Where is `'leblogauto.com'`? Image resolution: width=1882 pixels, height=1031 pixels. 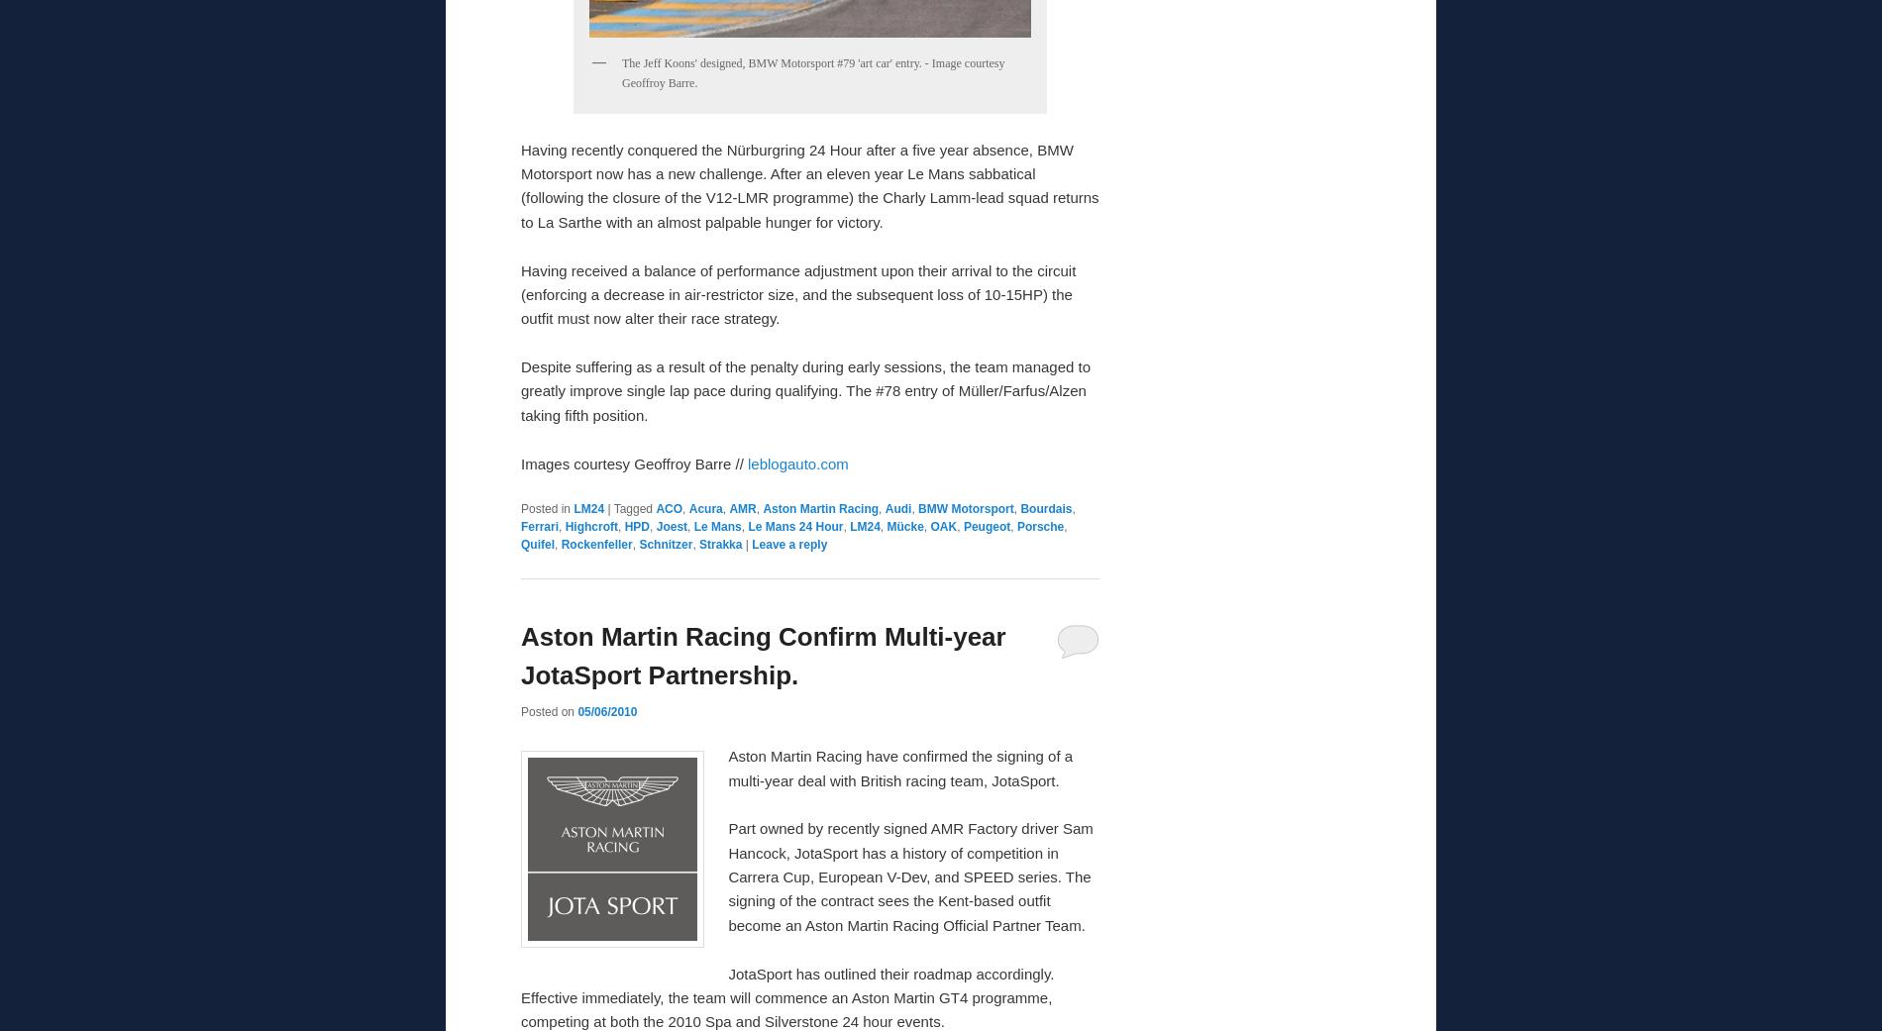 'leblogauto.com' is located at coordinates (796, 462).